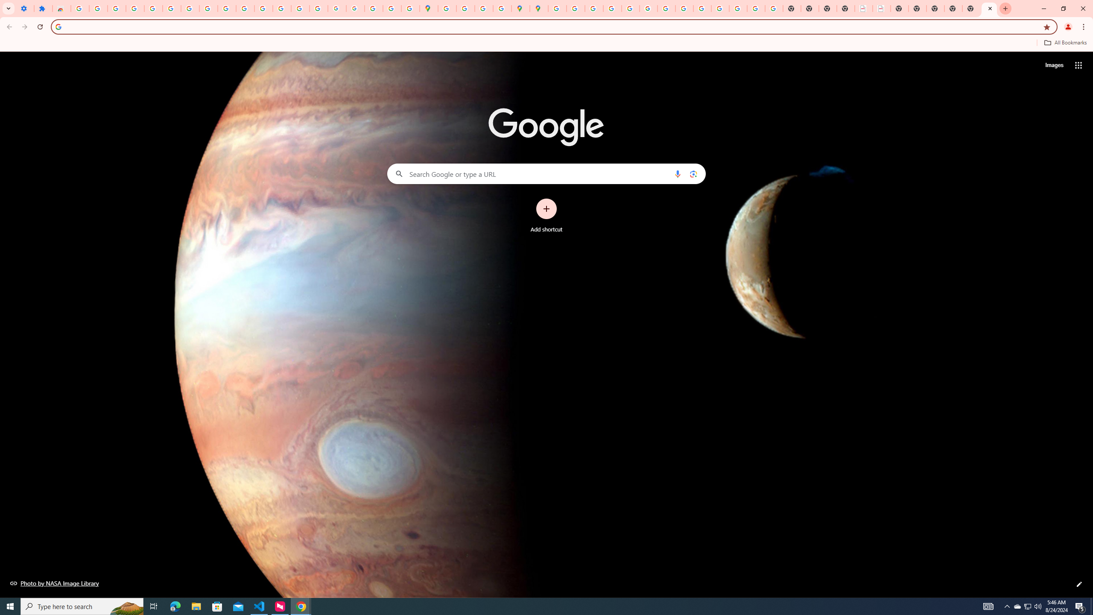 This screenshot has width=1093, height=615. What do you see at coordinates (428, 8) in the screenshot?
I see `'Google Maps'` at bounding box center [428, 8].